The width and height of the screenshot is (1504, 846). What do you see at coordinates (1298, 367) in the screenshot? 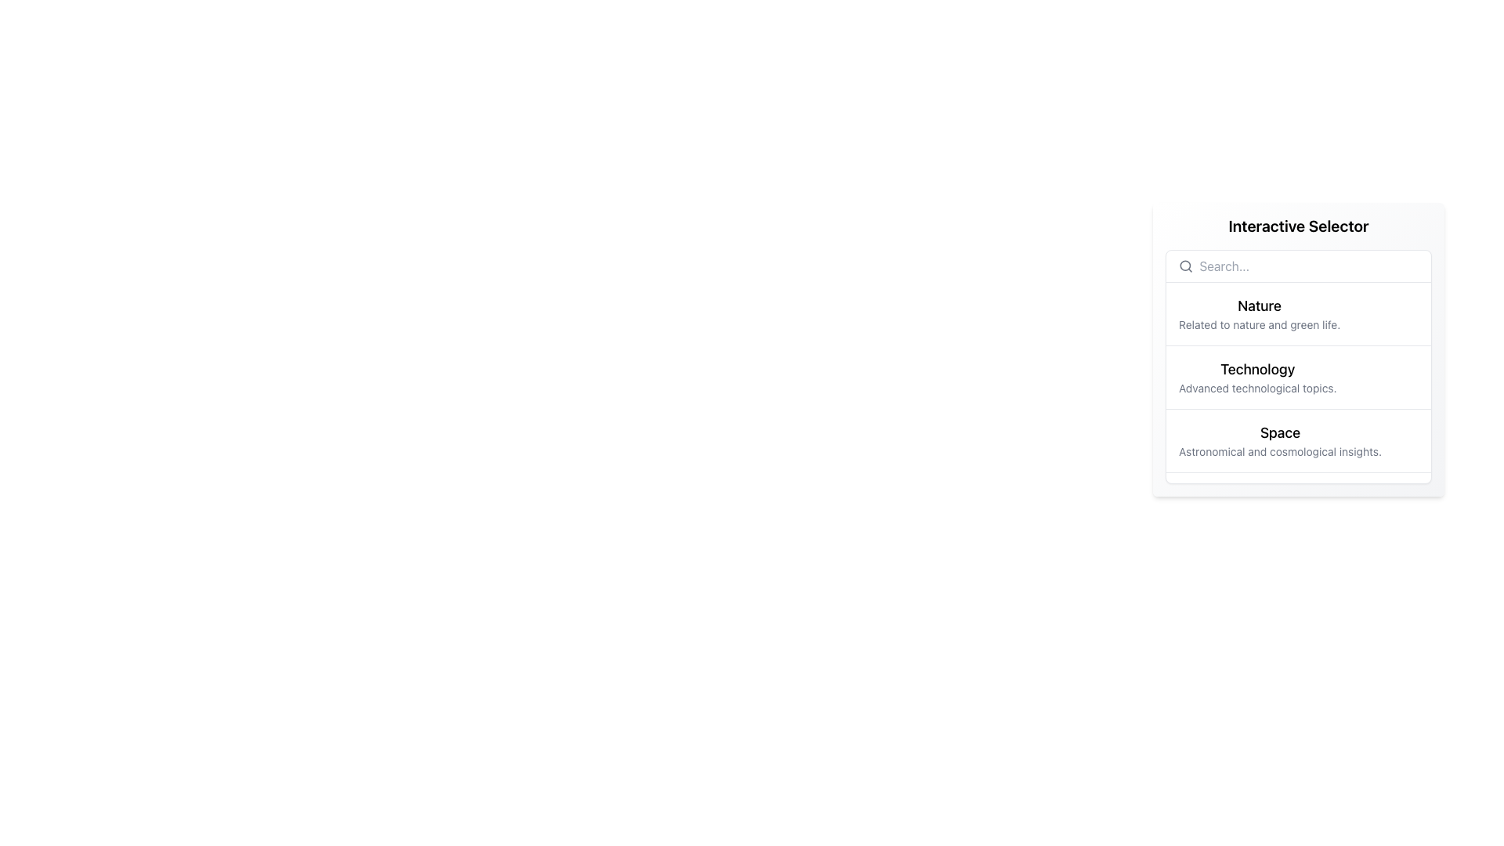
I see `the second selectable list item, which is a white rectangular section with rounded corners and shadow, located below the search input field` at bounding box center [1298, 367].